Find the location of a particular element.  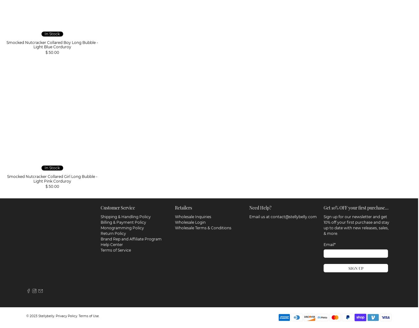

'Retailers' is located at coordinates (183, 206).